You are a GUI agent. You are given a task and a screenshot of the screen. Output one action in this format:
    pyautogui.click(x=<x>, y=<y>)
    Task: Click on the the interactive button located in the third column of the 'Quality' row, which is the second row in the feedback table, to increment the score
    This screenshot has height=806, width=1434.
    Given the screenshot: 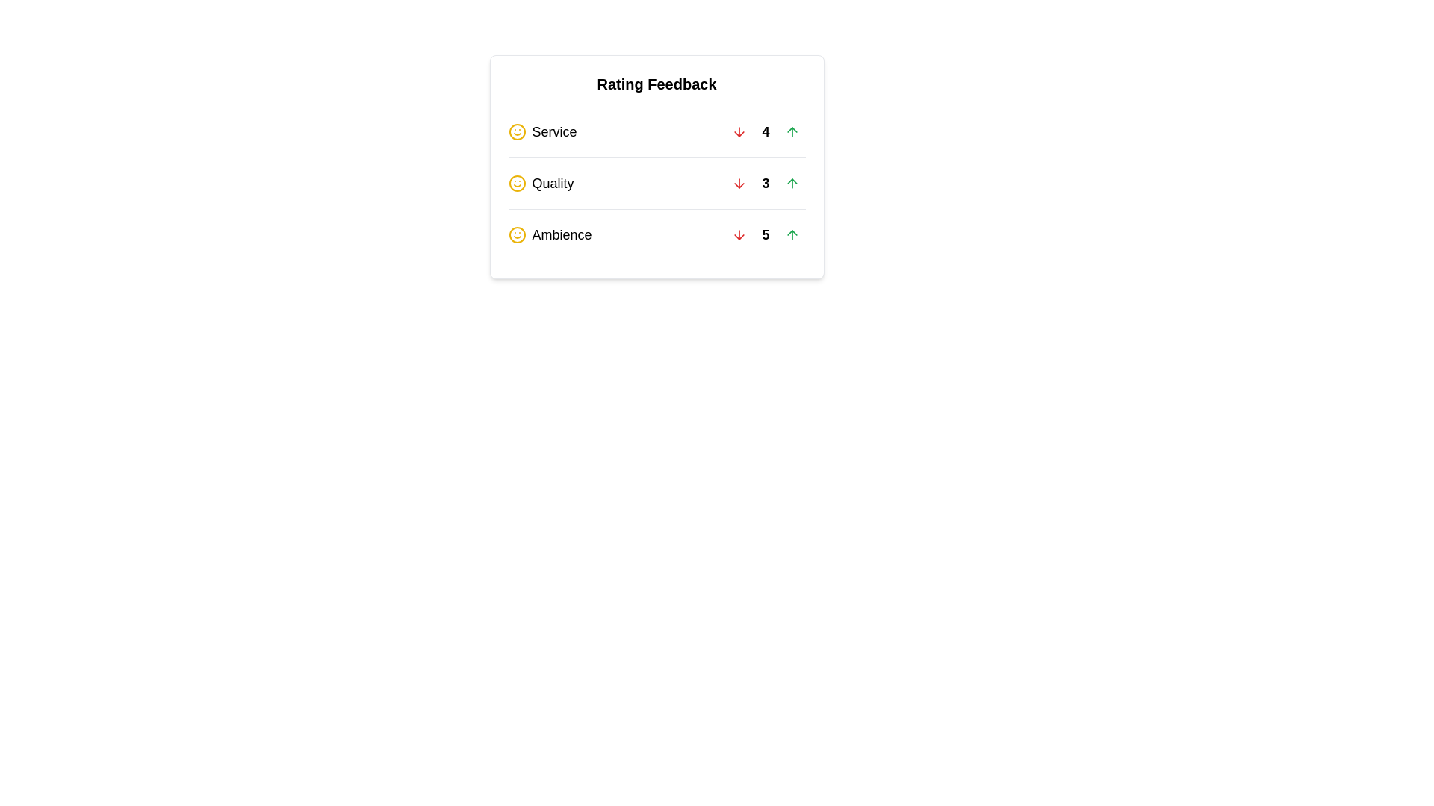 What is the action you would take?
    pyautogui.click(x=791, y=183)
    